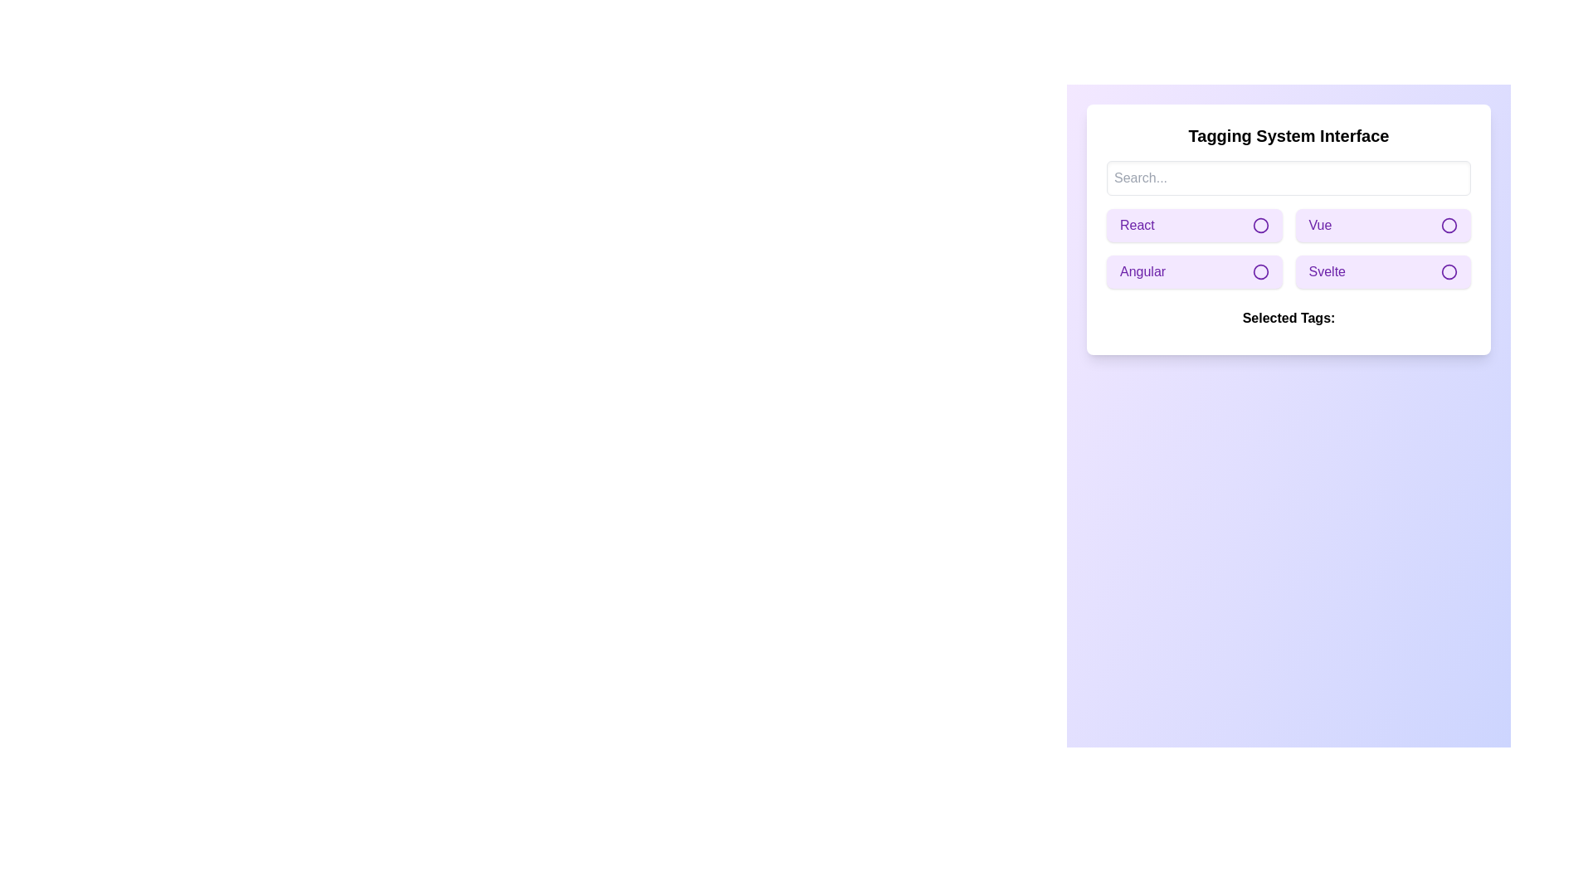 Image resolution: width=1593 pixels, height=896 pixels. I want to click on the Circular SVG graphic that visually represents the unselected or selectable state of the Angular option in the tag selection interface, so click(1260, 270).